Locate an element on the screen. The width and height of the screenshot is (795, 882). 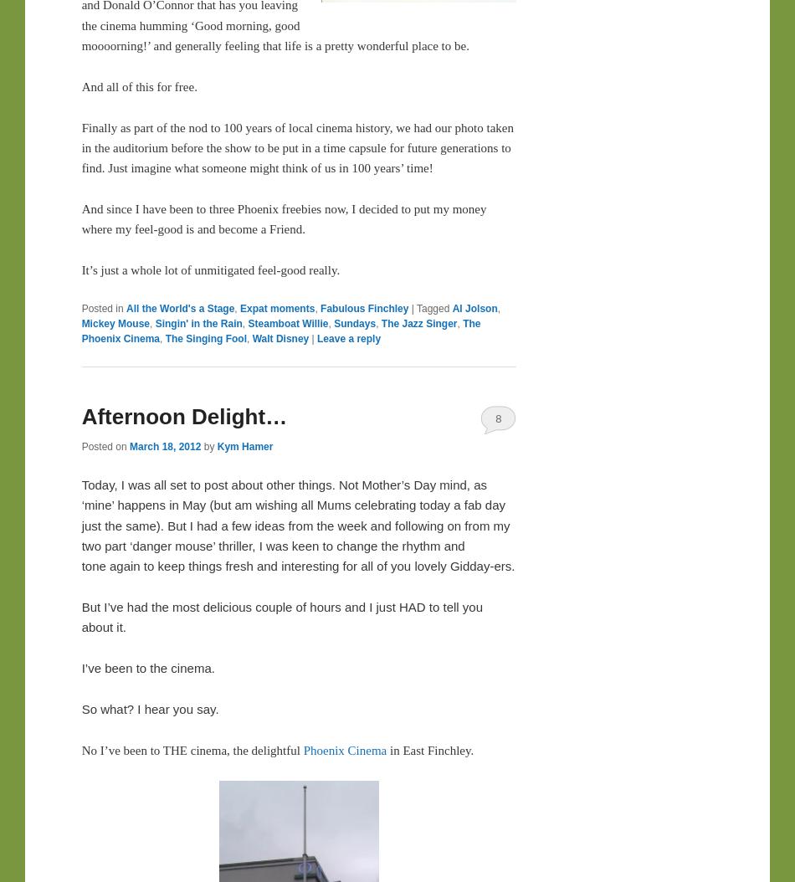
'March 18, 2012' is located at coordinates (165, 446).